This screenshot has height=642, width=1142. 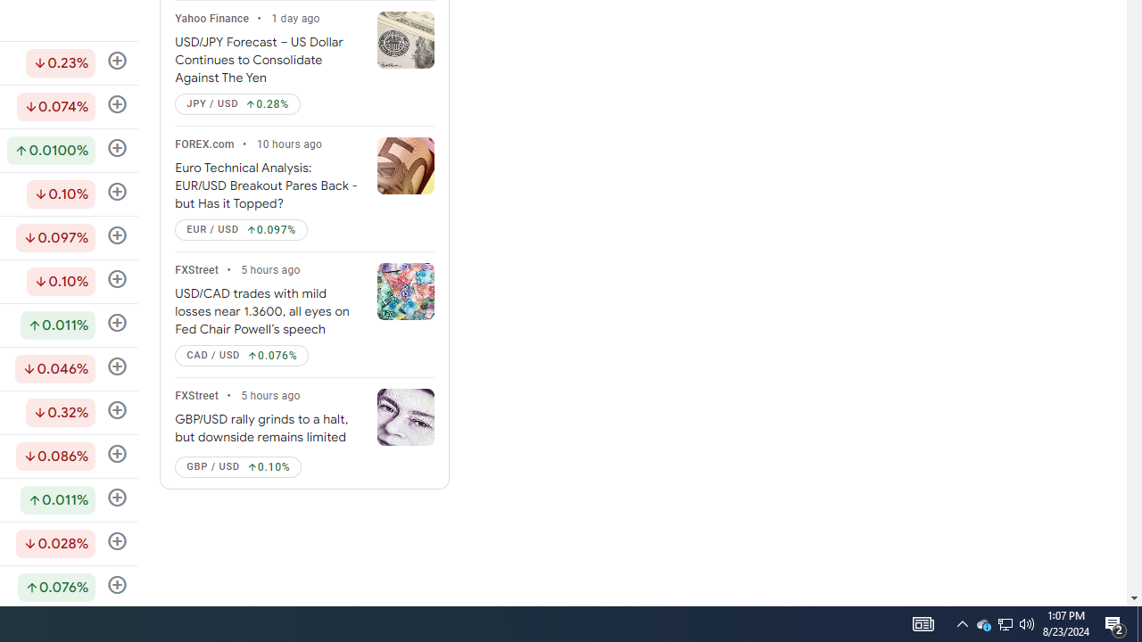 I want to click on 'JPY / USD Up by 0.22%', so click(x=236, y=104).